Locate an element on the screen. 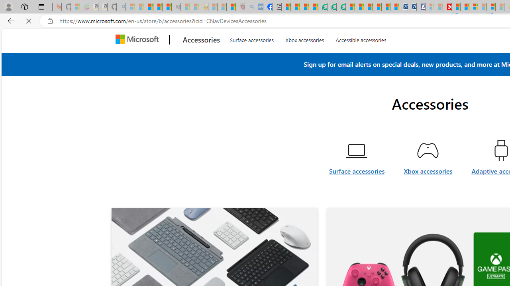 The width and height of the screenshot is (510, 286). 'Terms of Use Agreement' is located at coordinates (331, 7).